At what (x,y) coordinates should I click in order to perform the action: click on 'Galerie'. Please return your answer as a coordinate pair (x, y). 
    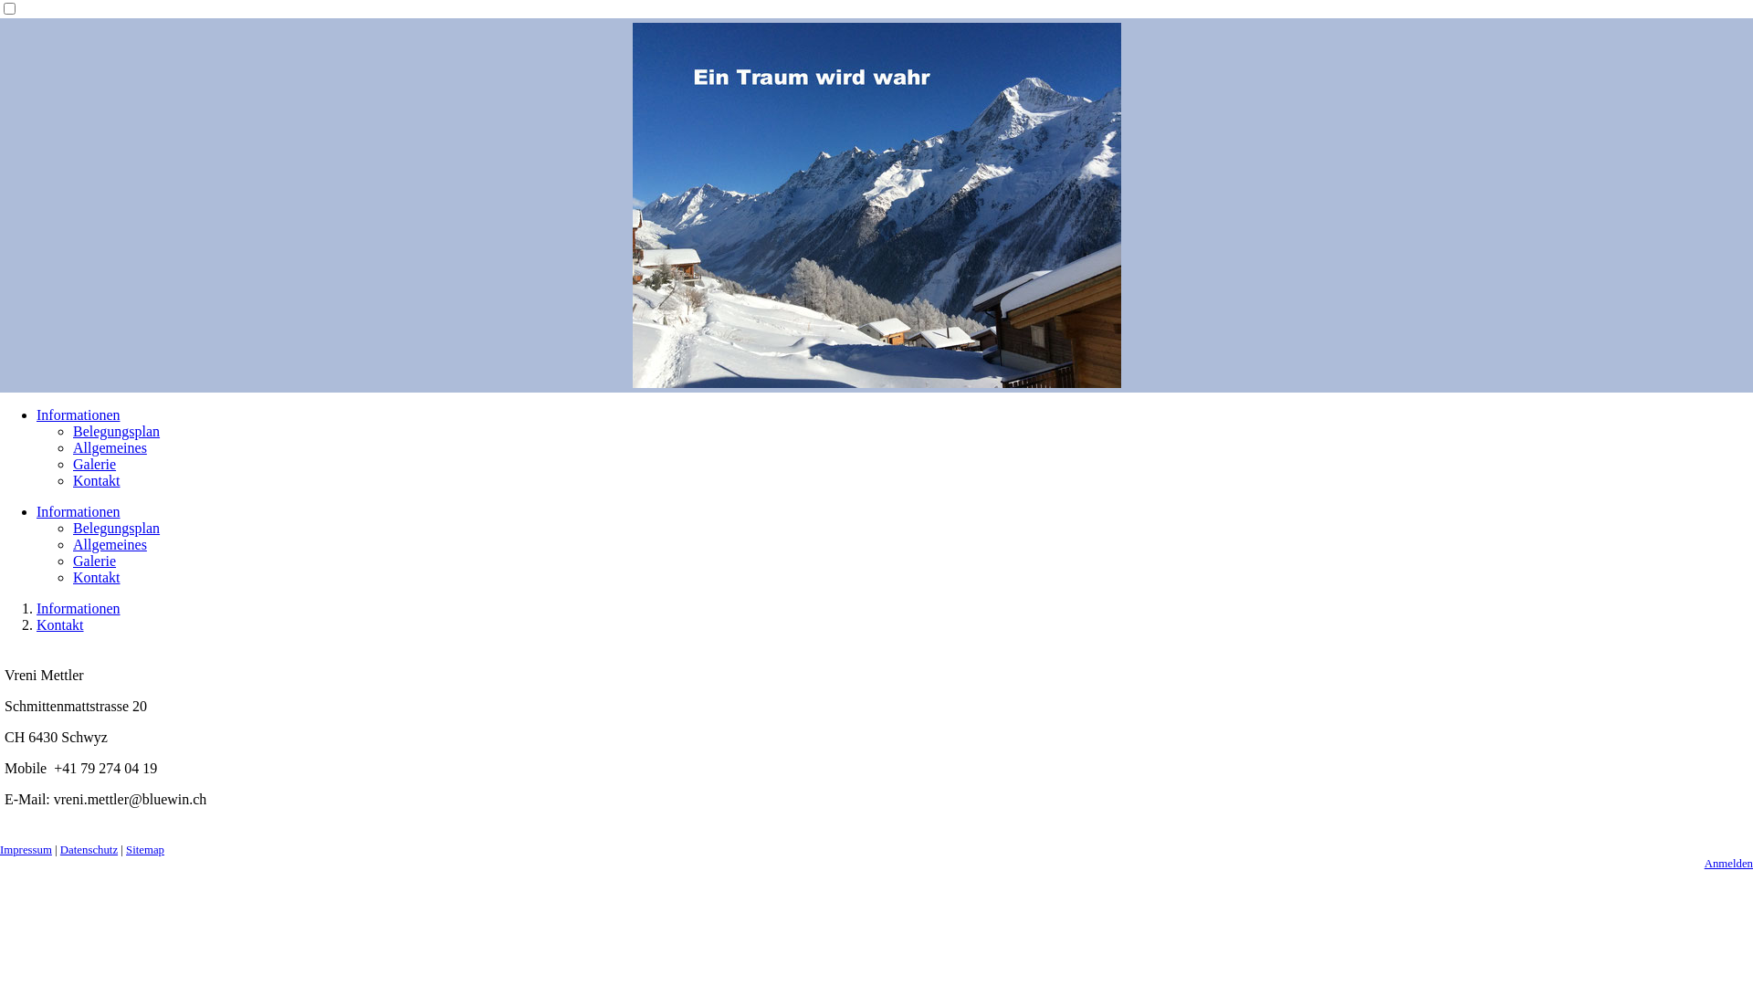
    Looking at the image, I should click on (93, 463).